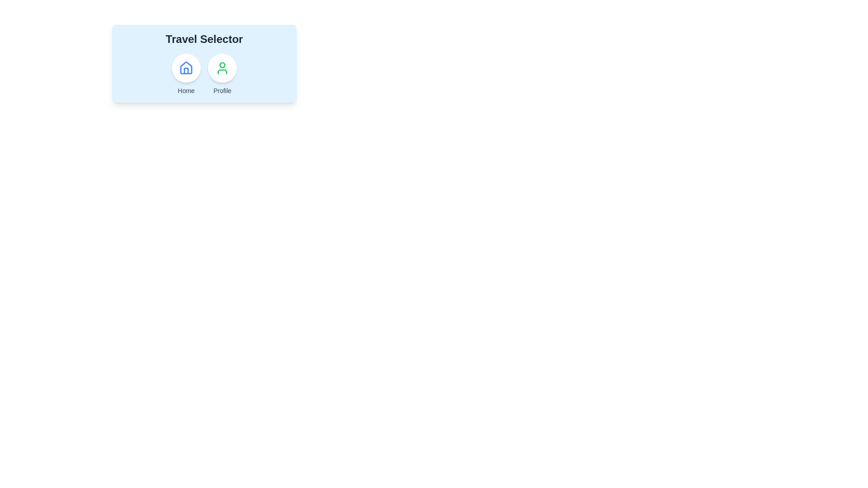  What do you see at coordinates (203, 74) in the screenshot?
I see `the 'Profile' group in the grouped navigation buttons` at bounding box center [203, 74].